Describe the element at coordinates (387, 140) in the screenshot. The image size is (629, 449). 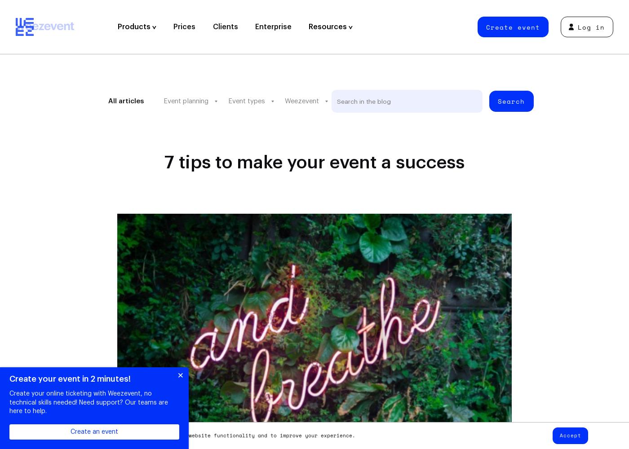
I see `'Make sure your events are one step ahead.'` at that location.